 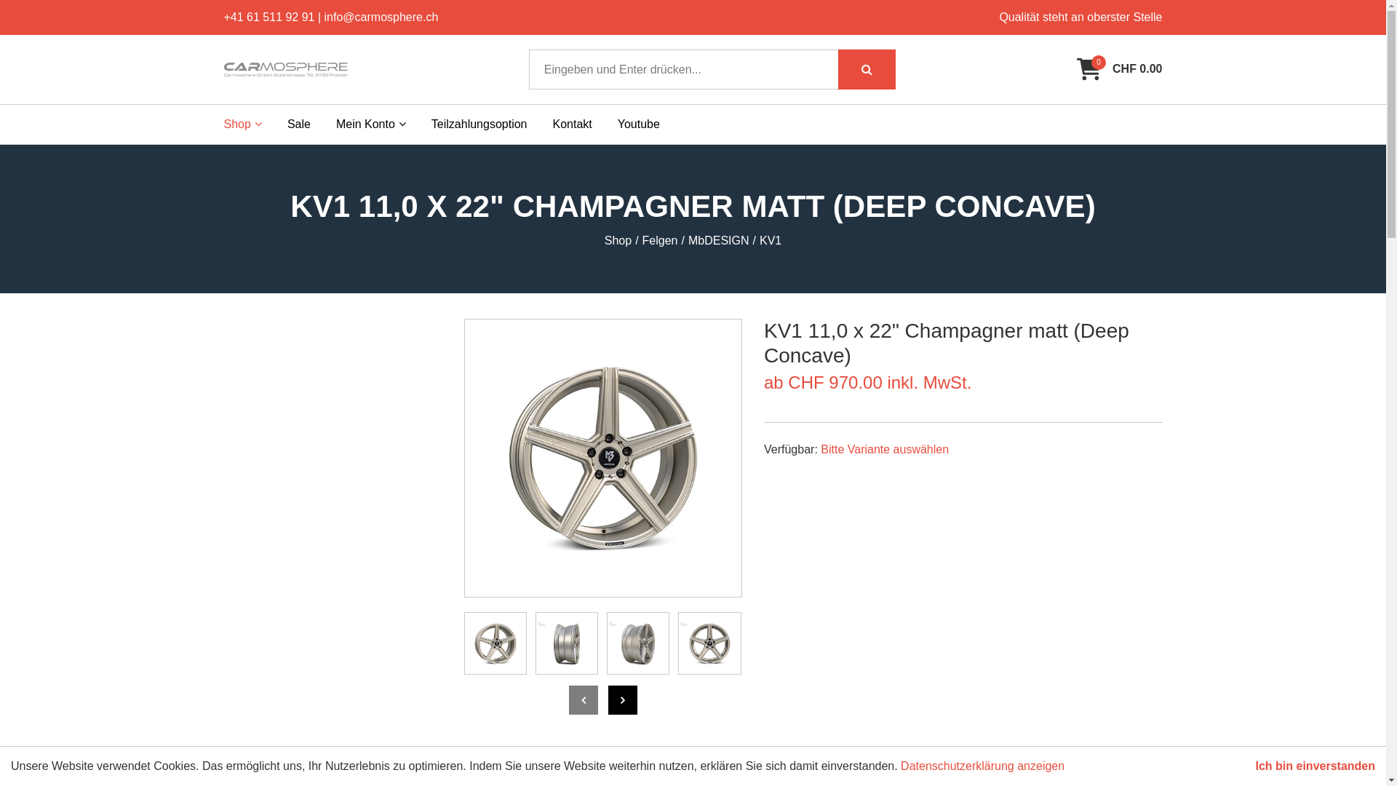 What do you see at coordinates (335, 123) in the screenshot?
I see `'Mein Konto'` at bounding box center [335, 123].